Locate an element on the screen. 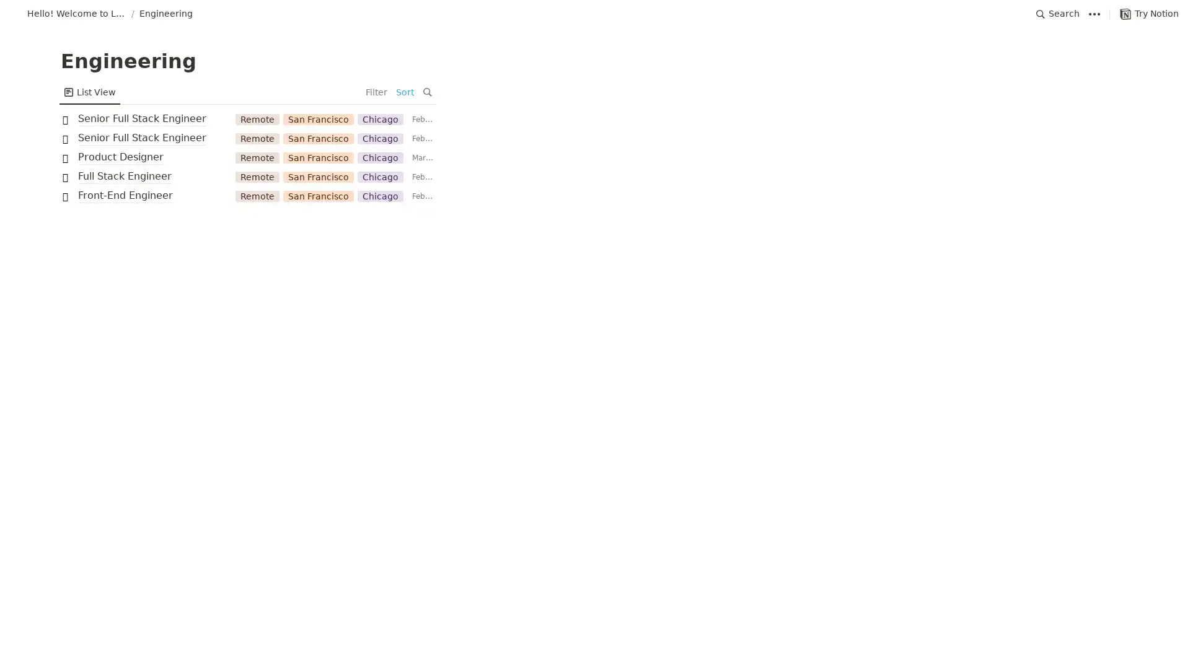 This screenshot has height=669, width=1190. Try Notion is located at coordinates (1148, 14).